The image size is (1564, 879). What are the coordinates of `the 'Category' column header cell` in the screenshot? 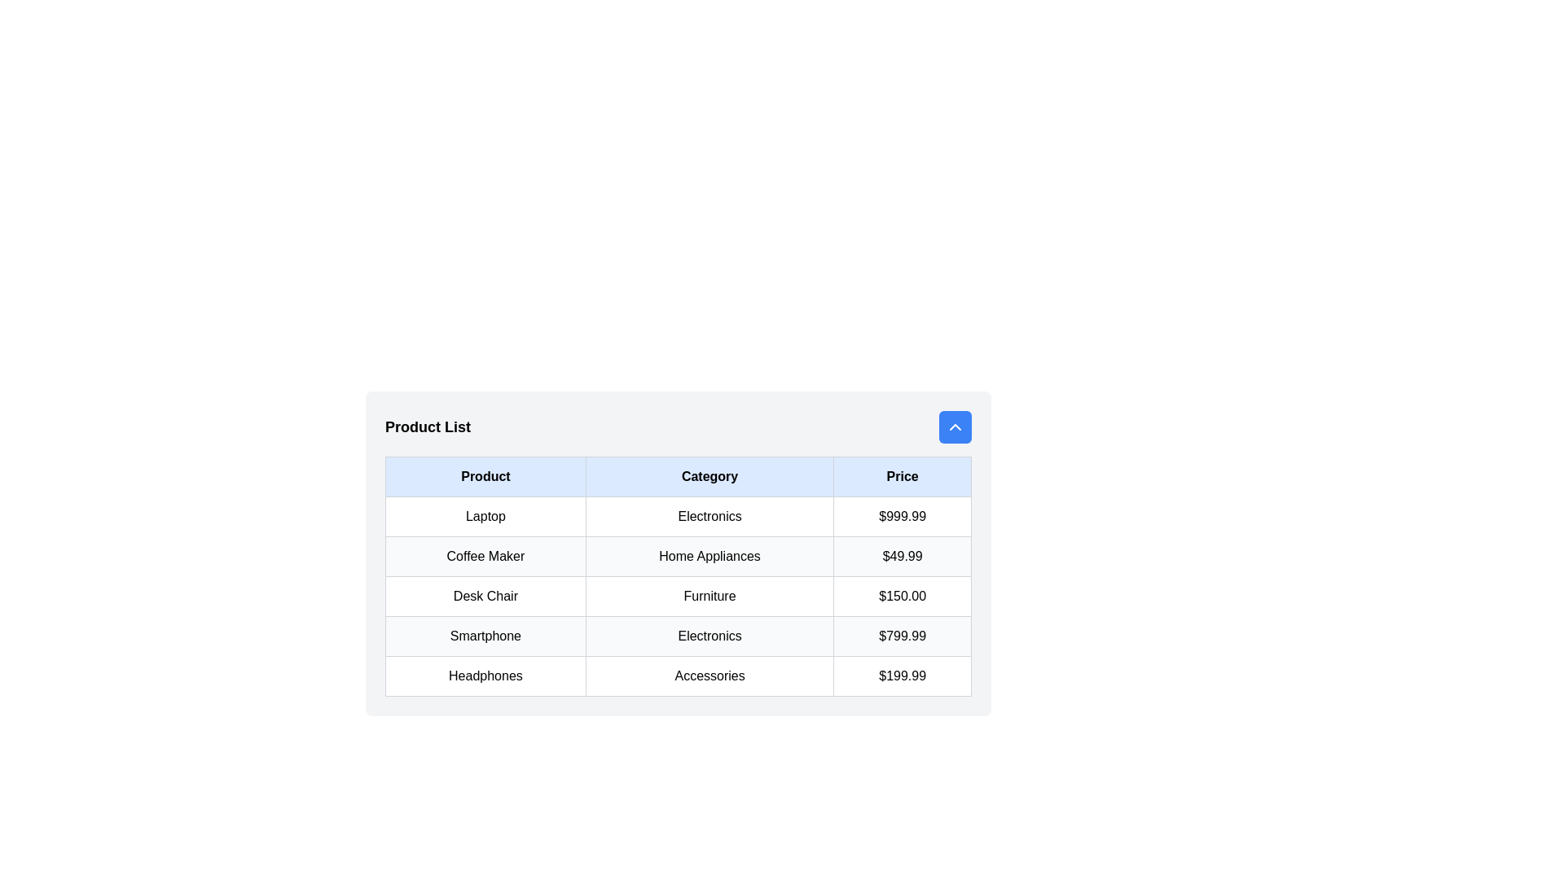 It's located at (710, 476).